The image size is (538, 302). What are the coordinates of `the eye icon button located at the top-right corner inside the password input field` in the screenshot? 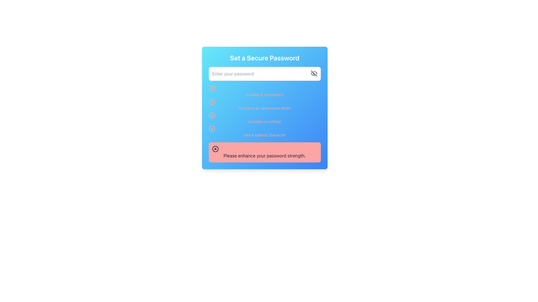 It's located at (314, 73).